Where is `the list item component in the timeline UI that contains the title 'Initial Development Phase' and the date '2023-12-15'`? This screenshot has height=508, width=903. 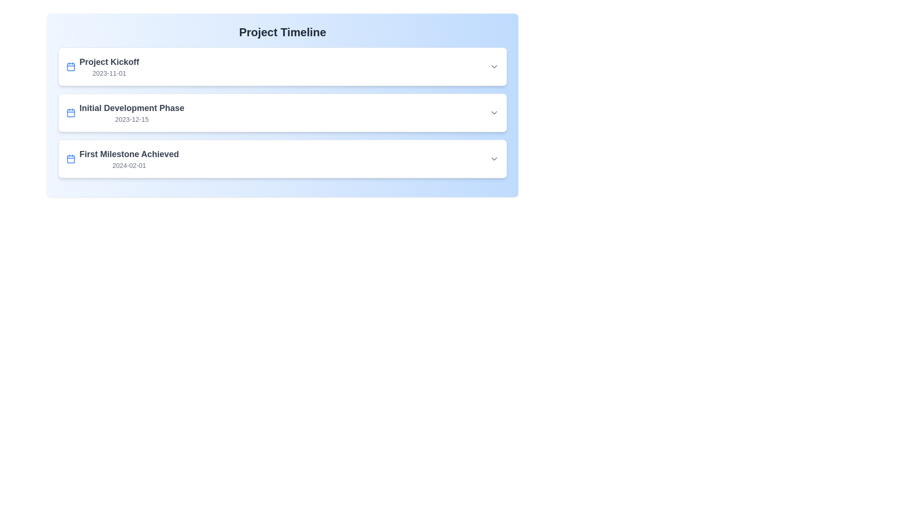
the list item component in the timeline UI that contains the title 'Initial Development Phase' and the date '2023-12-15' is located at coordinates (282, 112).